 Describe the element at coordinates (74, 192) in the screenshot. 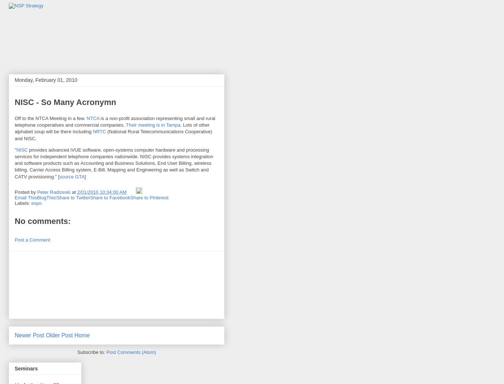

I see `'at'` at that location.